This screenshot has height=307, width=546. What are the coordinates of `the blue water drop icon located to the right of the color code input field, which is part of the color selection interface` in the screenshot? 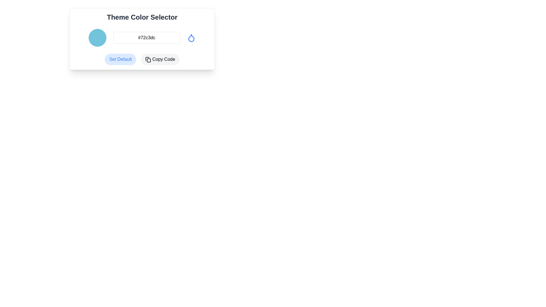 It's located at (191, 38).